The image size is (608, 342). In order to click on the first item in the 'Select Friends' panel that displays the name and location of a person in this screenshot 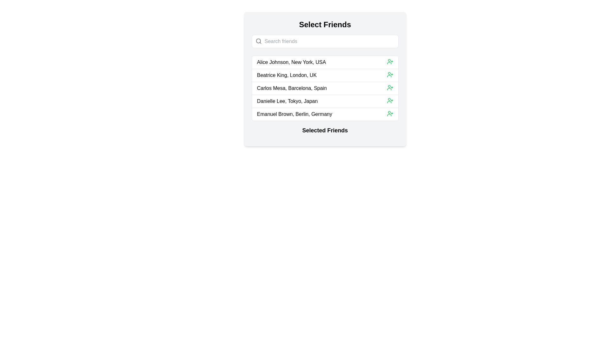, I will do `click(291, 62)`.